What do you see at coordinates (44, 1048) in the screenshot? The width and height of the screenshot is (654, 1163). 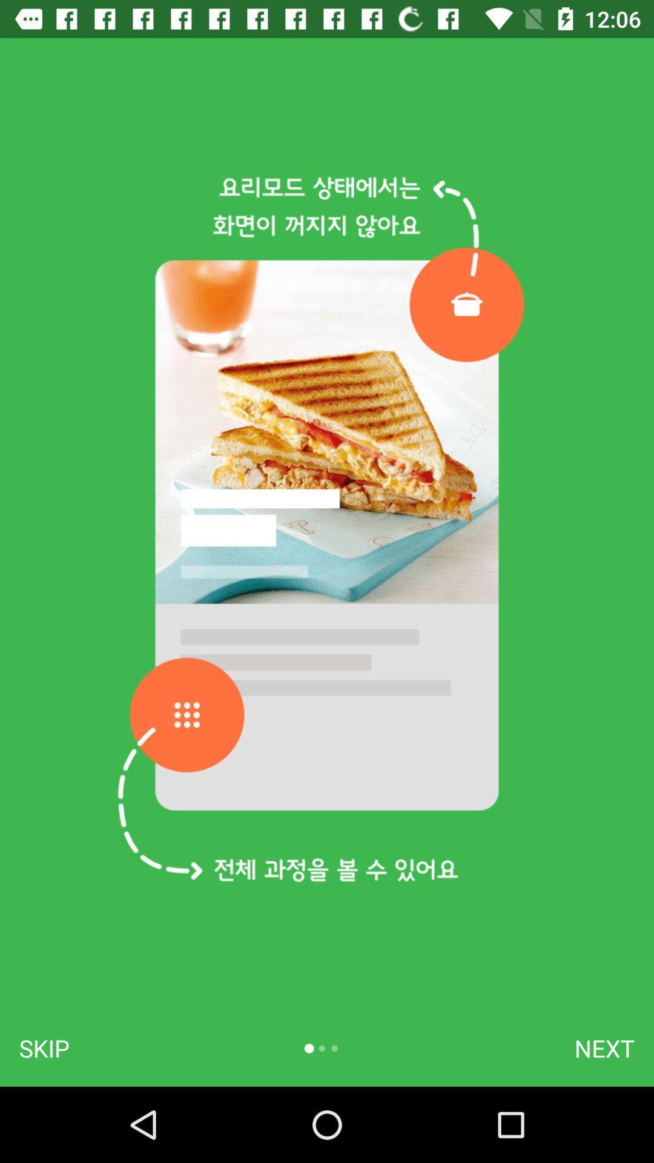 I see `item at the bottom left corner` at bounding box center [44, 1048].